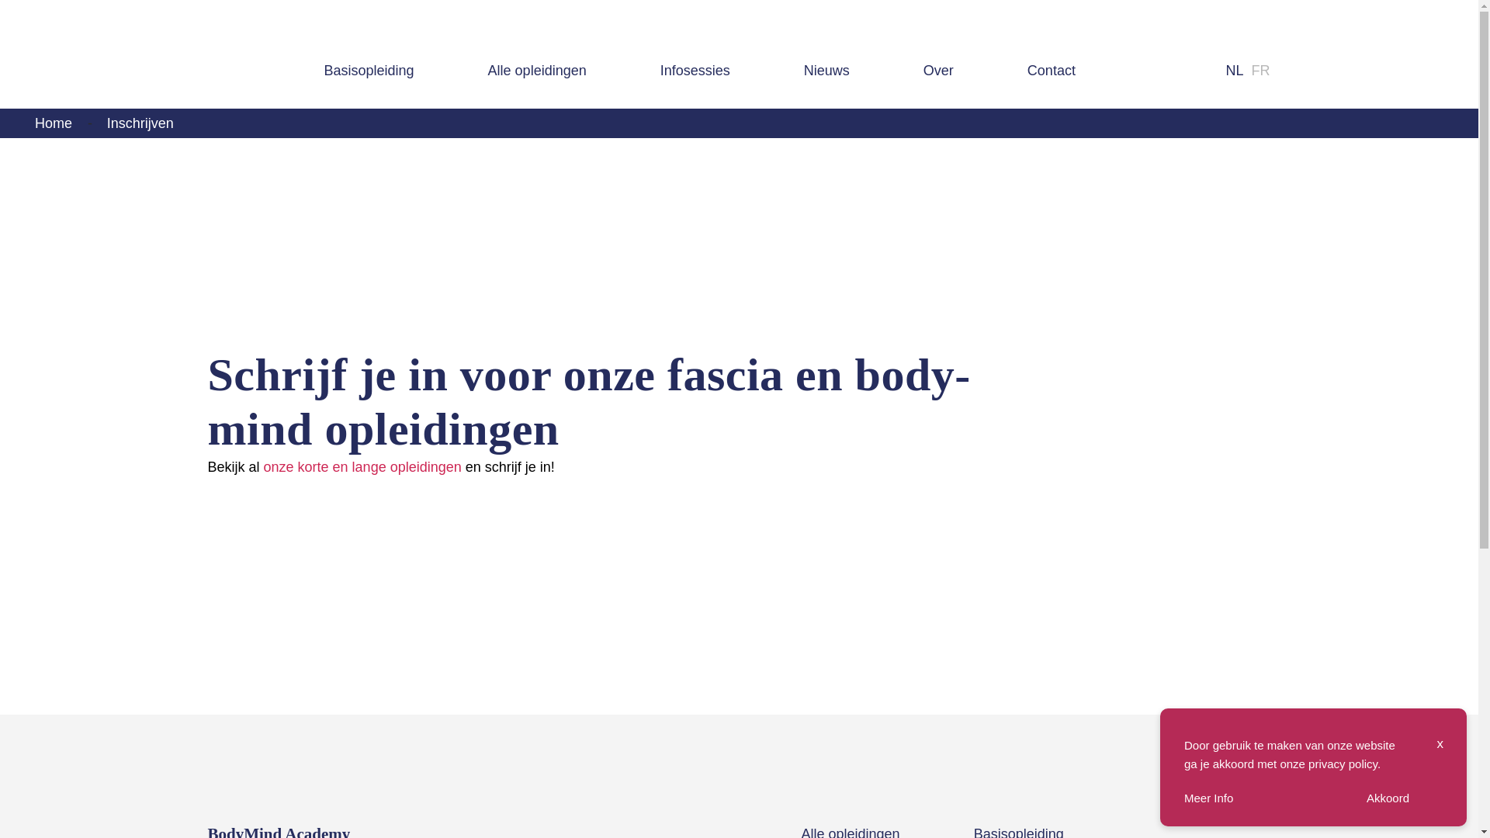 Image resolution: width=1490 pixels, height=838 pixels. I want to click on 'FR', so click(1251, 70).